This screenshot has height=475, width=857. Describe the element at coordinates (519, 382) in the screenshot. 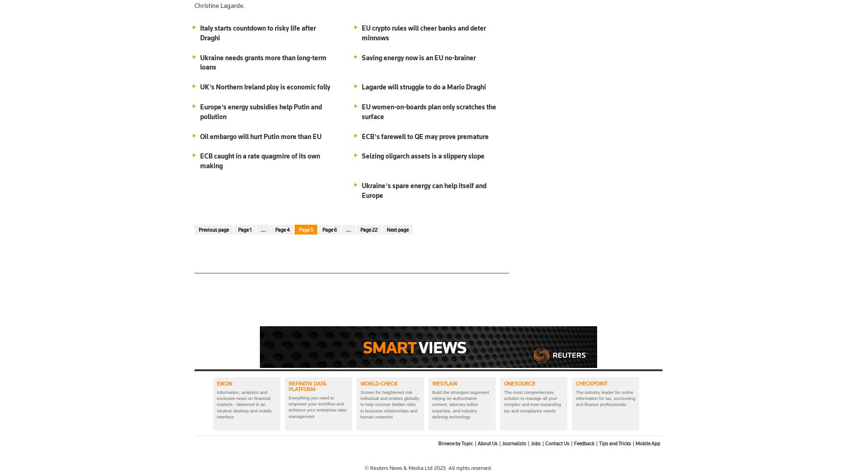

I see `'ONESOURCE'` at that location.